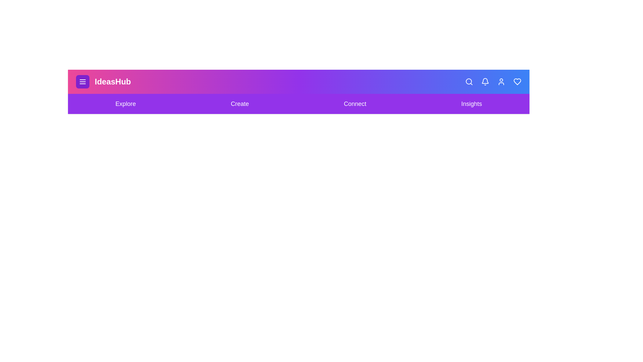 The width and height of the screenshot is (643, 362). Describe the element at coordinates (469, 81) in the screenshot. I see `the Search icon in the app bar` at that location.